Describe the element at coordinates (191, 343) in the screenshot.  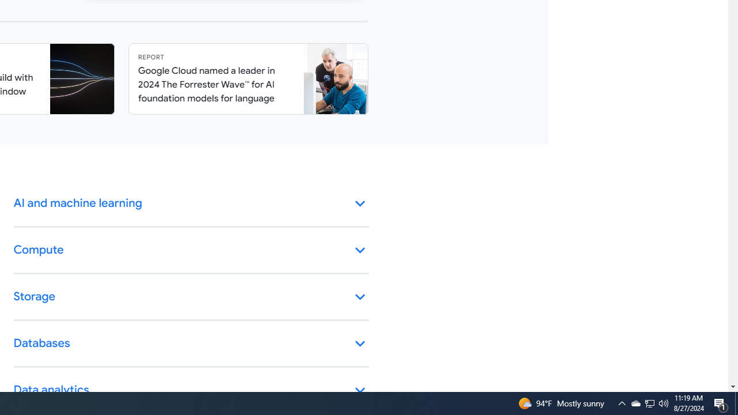
I see `'Databases keyboard_arrow_down'` at that location.